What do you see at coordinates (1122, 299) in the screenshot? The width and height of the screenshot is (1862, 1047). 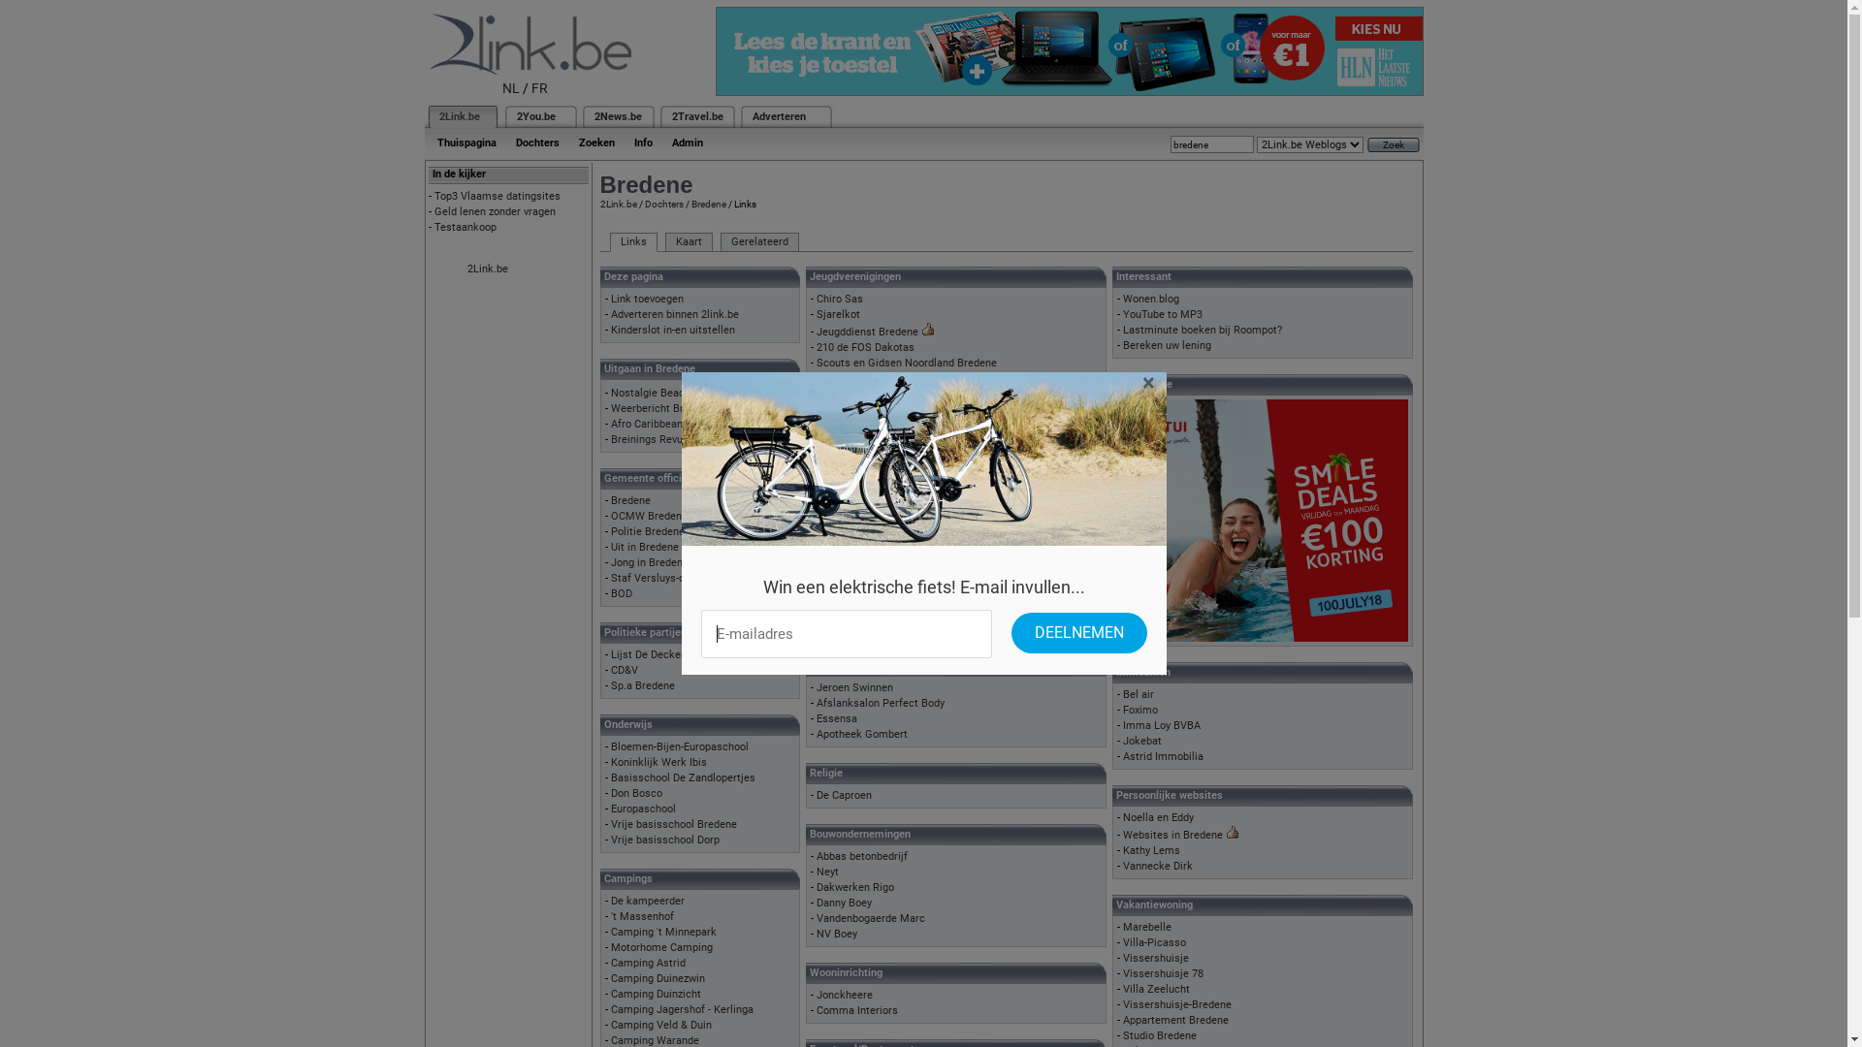 I see `'Wonen.blog'` at bounding box center [1122, 299].